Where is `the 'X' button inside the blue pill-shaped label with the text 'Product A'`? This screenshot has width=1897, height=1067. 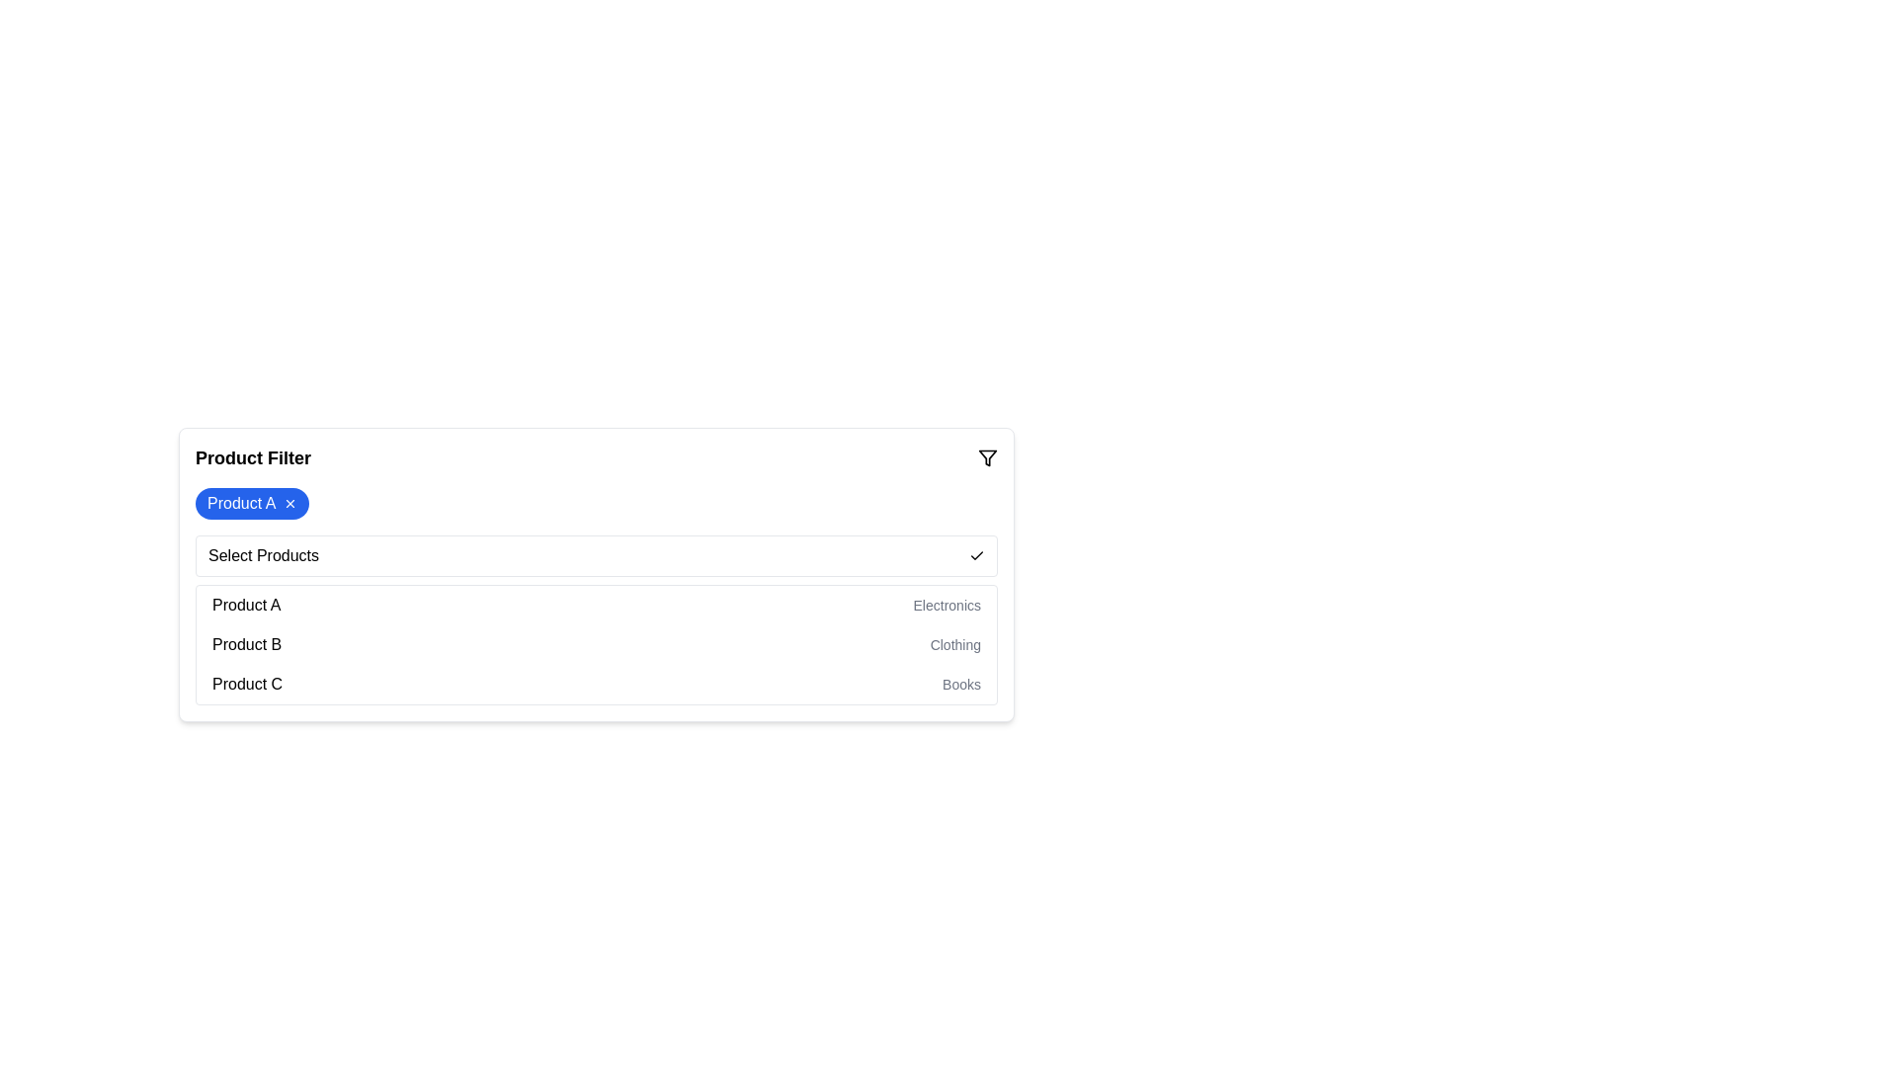
the 'X' button inside the blue pill-shaped label with the text 'Product A' is located at coordinates (289, 502).